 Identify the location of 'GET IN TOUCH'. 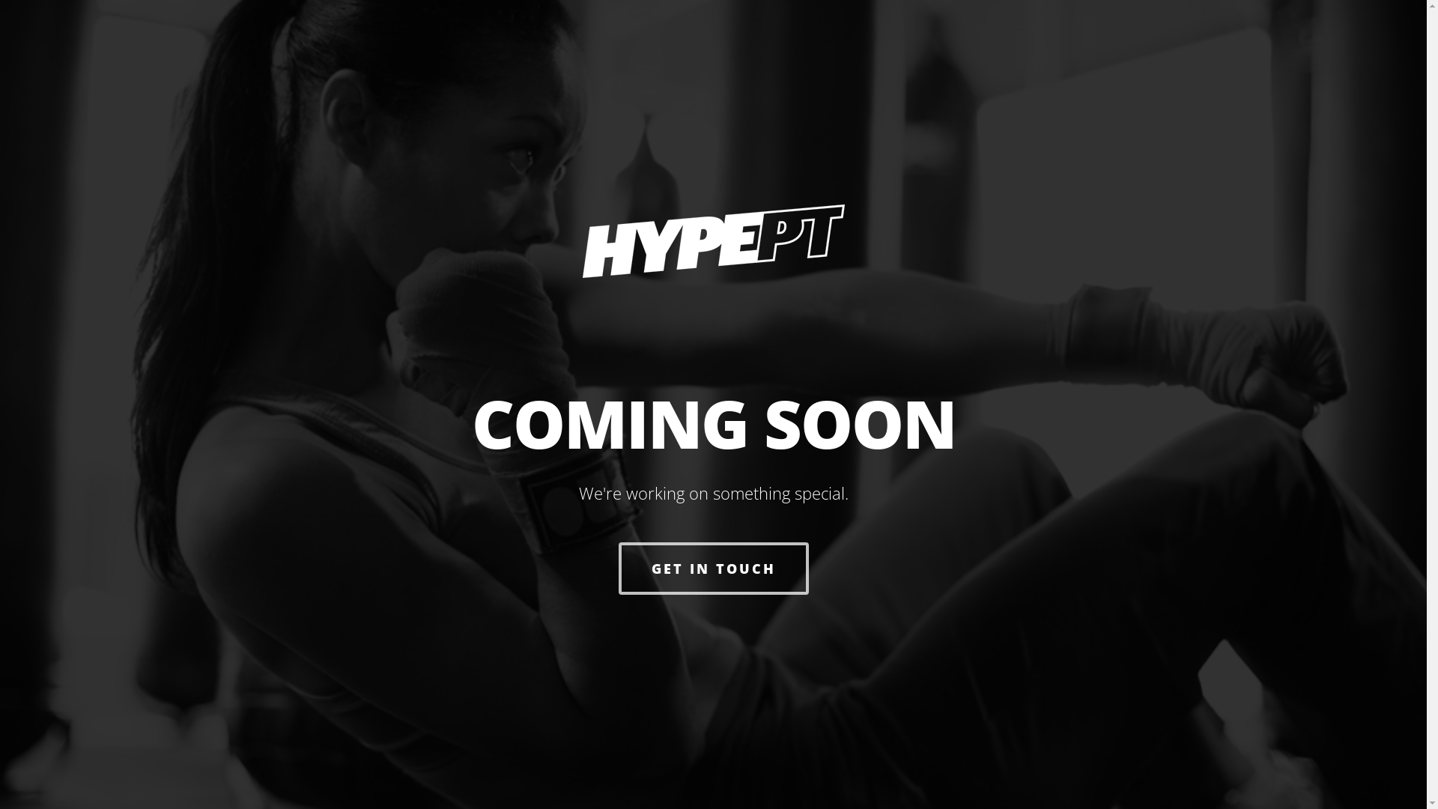
(713, 569).